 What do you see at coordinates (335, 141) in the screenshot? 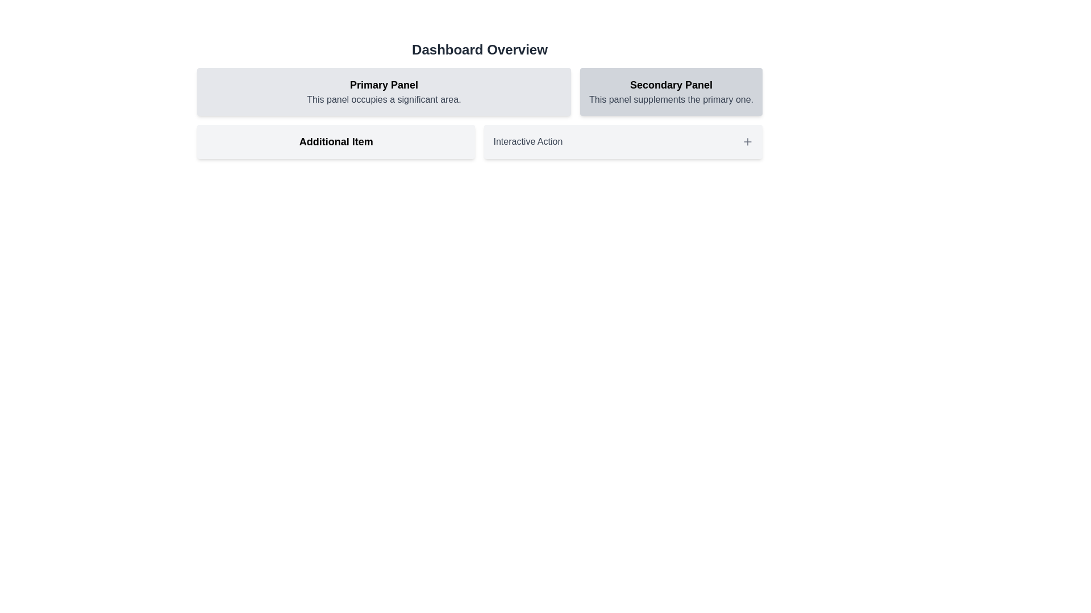
I see `the informational card labeled 'Additional Item' with a light gray background and bold black text, which is located in the lower-left section of the grid layout under 'Dashboard Overview'` at bounding box center [335, 141].